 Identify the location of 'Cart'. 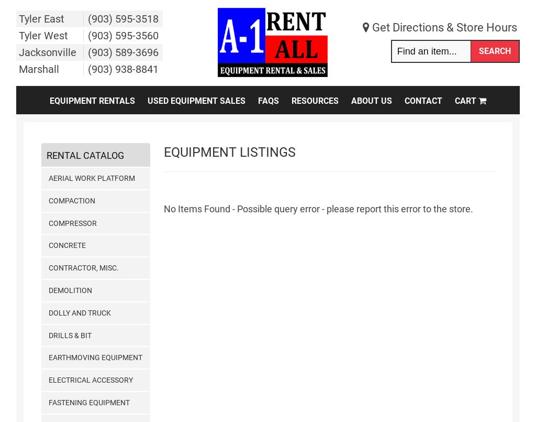
(466, 100).